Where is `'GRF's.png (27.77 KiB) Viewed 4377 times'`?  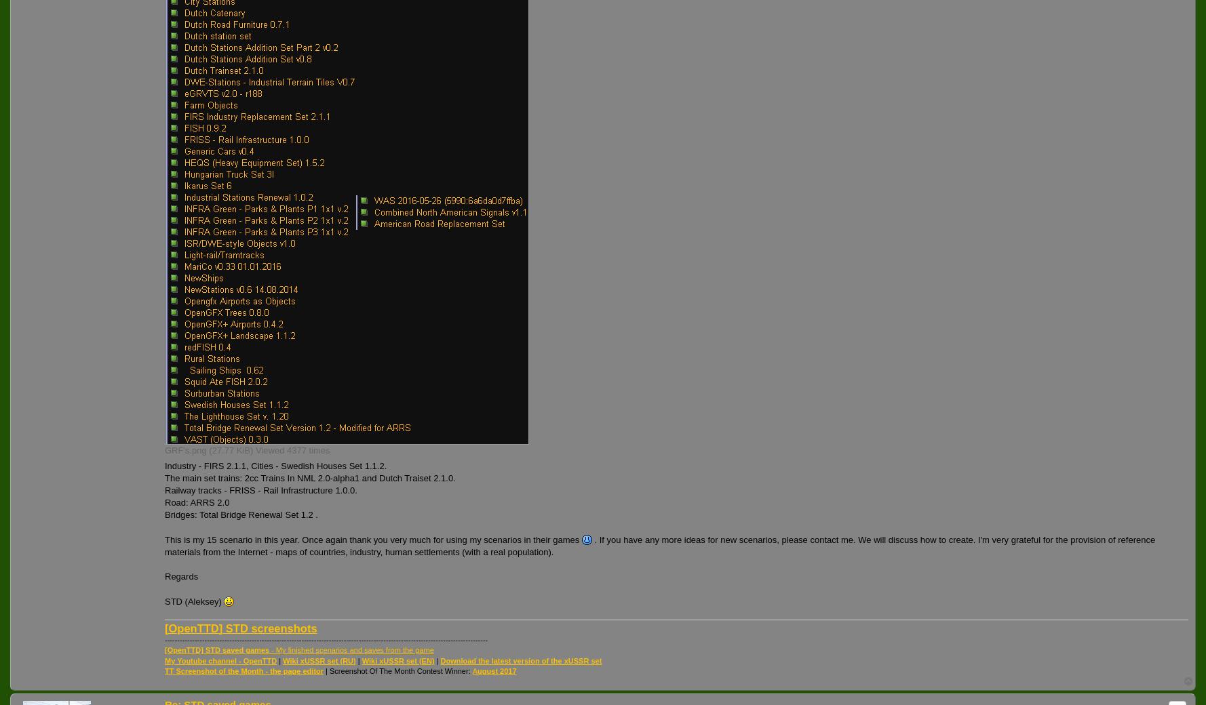
'GRF's.png (27.77 KiB) Viewed 4377 times' is located at coordinates (246, 450).